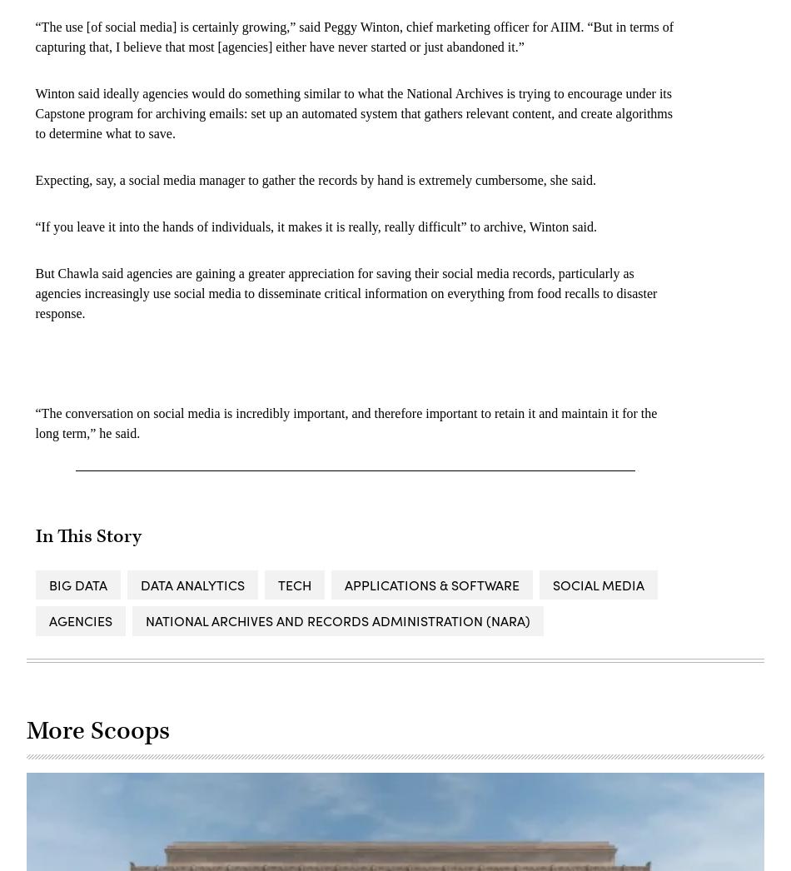 Image resolution: width=791 pixels, height=871 pixels. I want to click on 'big data', so click(77, 584).